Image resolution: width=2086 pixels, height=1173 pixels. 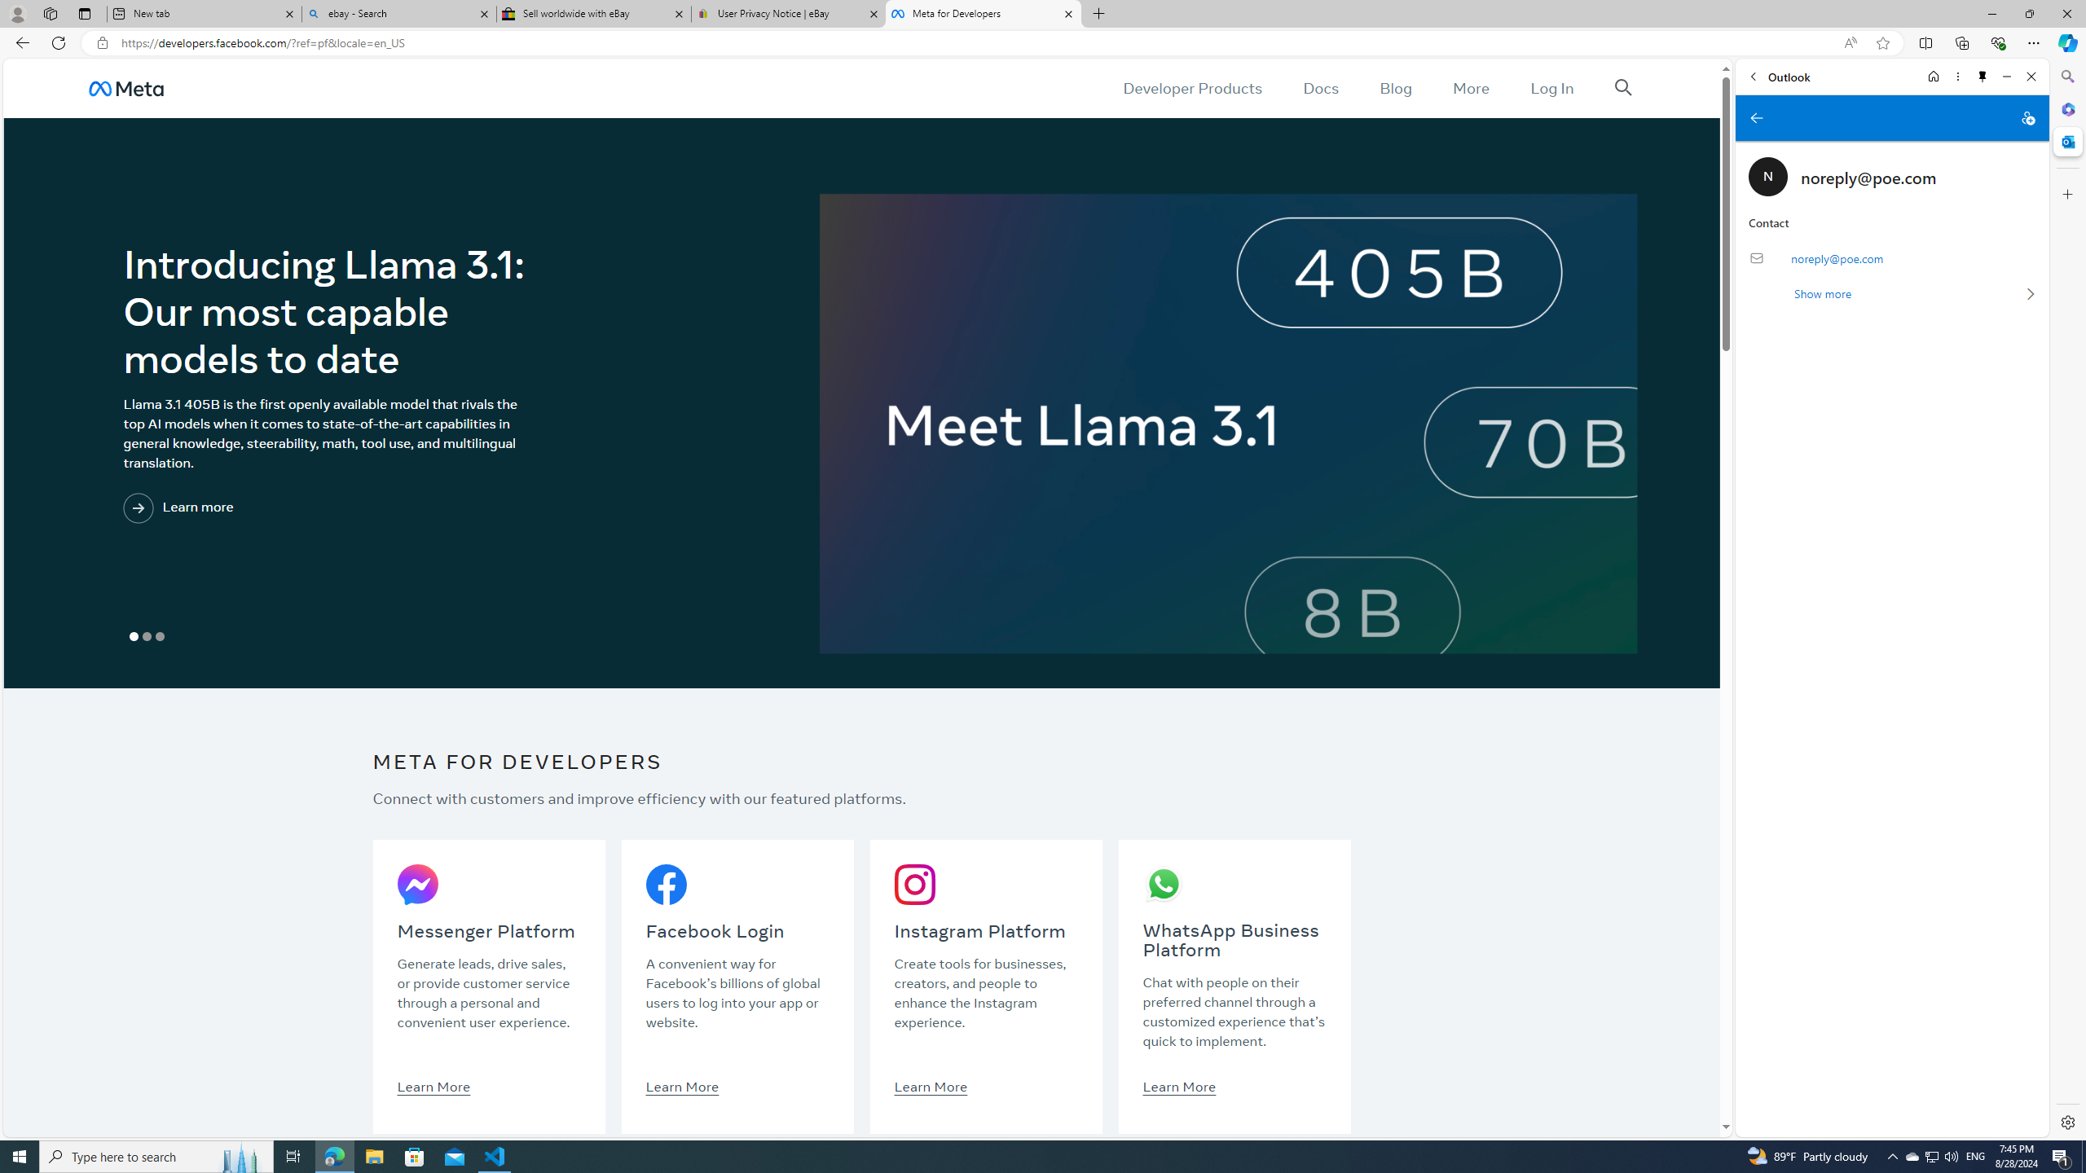 What do you see at coordinates (1983, 76) in the screenshot?
I see `'Unpin side pane'` at bounding box center [1983, 76].